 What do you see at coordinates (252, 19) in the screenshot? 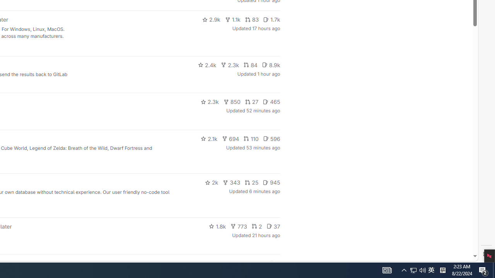
I see `'83'` at bounding box center [252, 19].